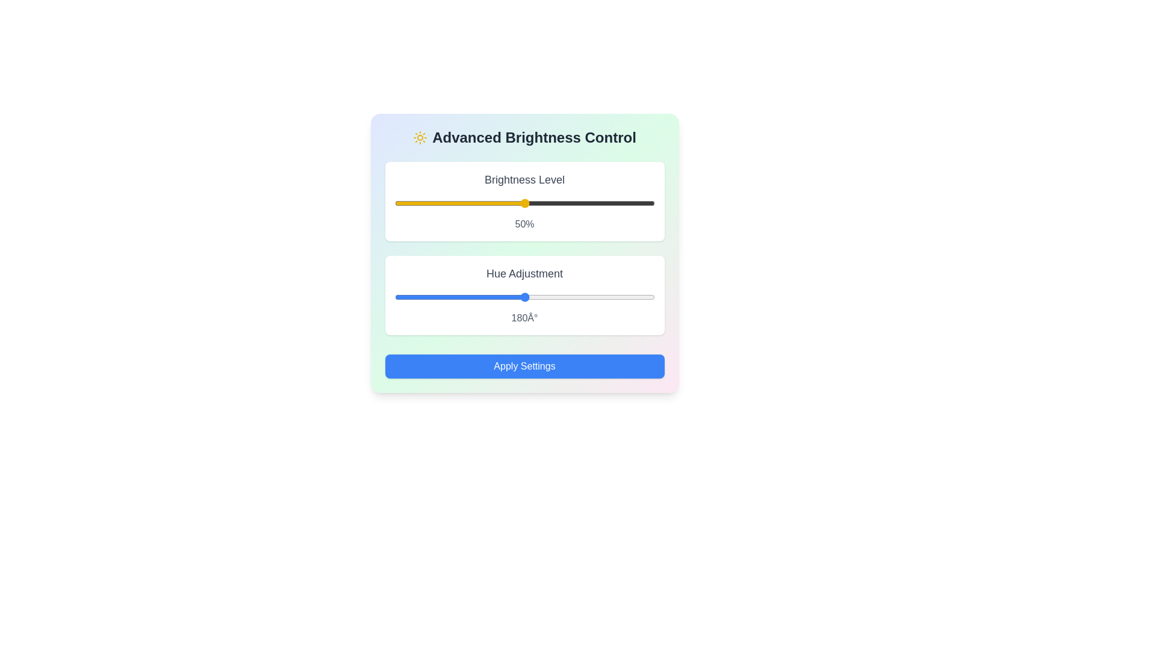 The image size is (1156, 650). What do you see at coordinates (524, 366) in the screenshot?
I see `the 'Apply Settings' button` at bounding box center [524, 366].